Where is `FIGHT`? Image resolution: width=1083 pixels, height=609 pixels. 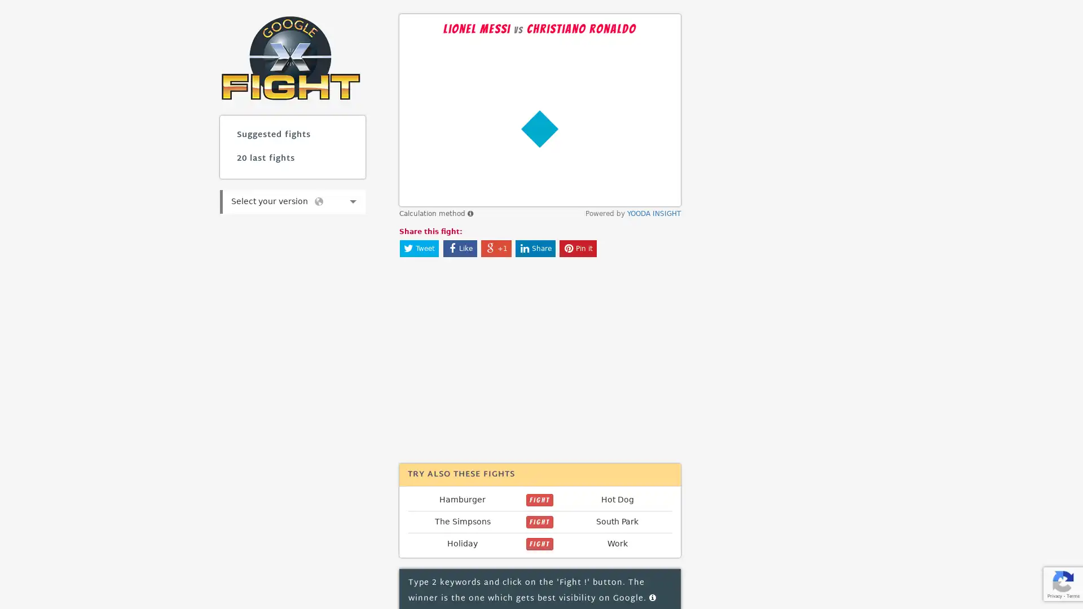 FIGHT is located at coordinates (539, 500).